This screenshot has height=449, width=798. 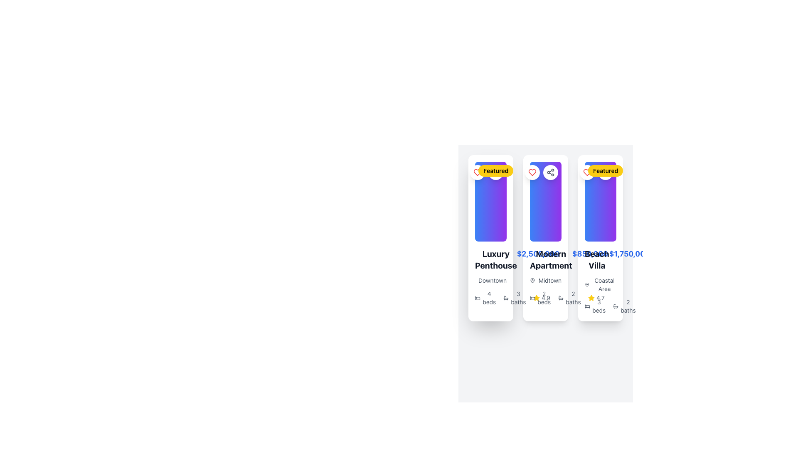 I want to click on rating value displayed as '4.7' in the Rating Display, which is located in the bottom-right section of the 'Beach Villa' card, below 'Coastal Area' and above '2 beds 2 baths', so click(x=596, y=298).